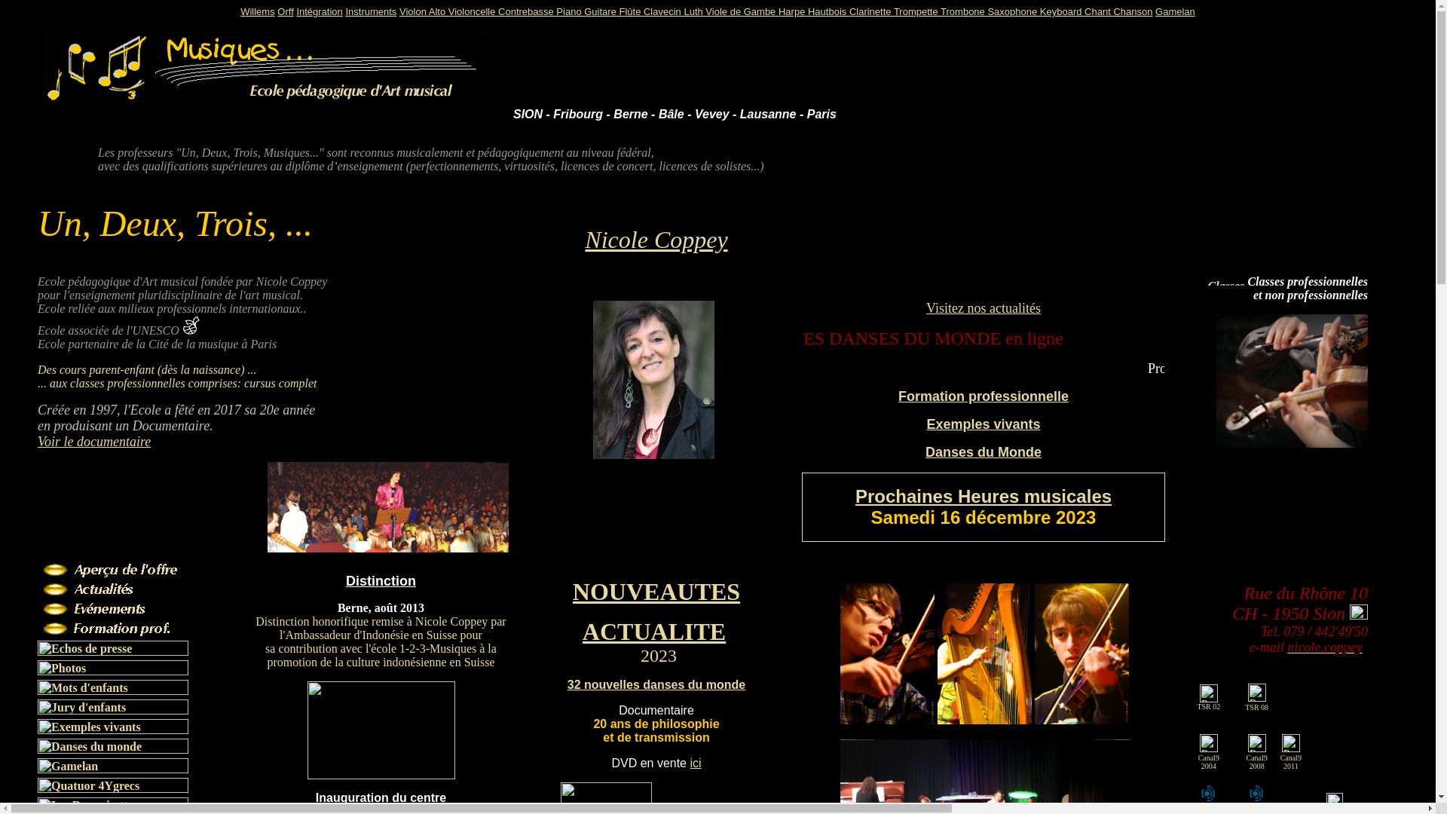 The width and height of the screenshot is (1447, 814). I want to click on 'nicole.coppey', so click(1323, 647).